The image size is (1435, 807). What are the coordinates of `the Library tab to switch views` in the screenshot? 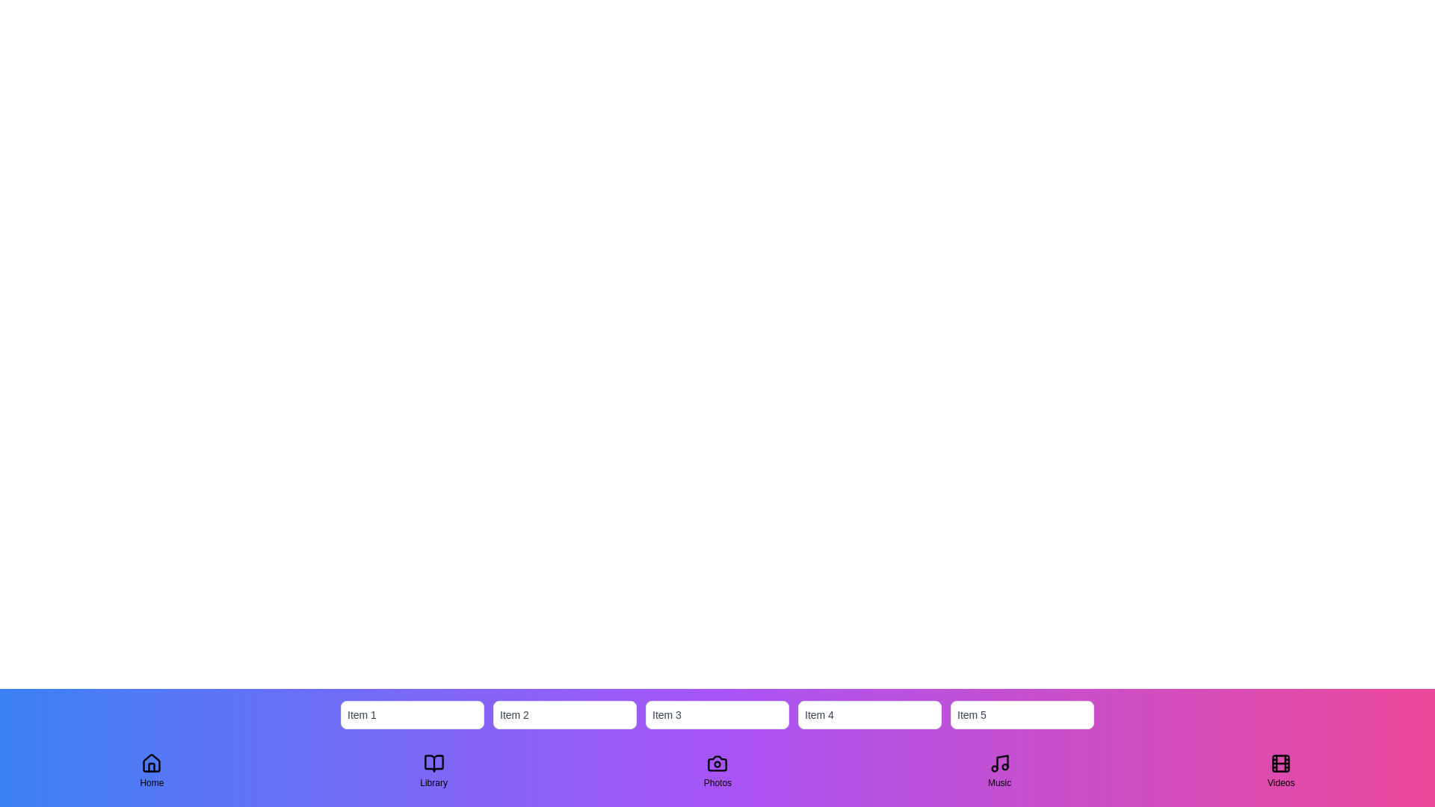 It's located at (433, 771).